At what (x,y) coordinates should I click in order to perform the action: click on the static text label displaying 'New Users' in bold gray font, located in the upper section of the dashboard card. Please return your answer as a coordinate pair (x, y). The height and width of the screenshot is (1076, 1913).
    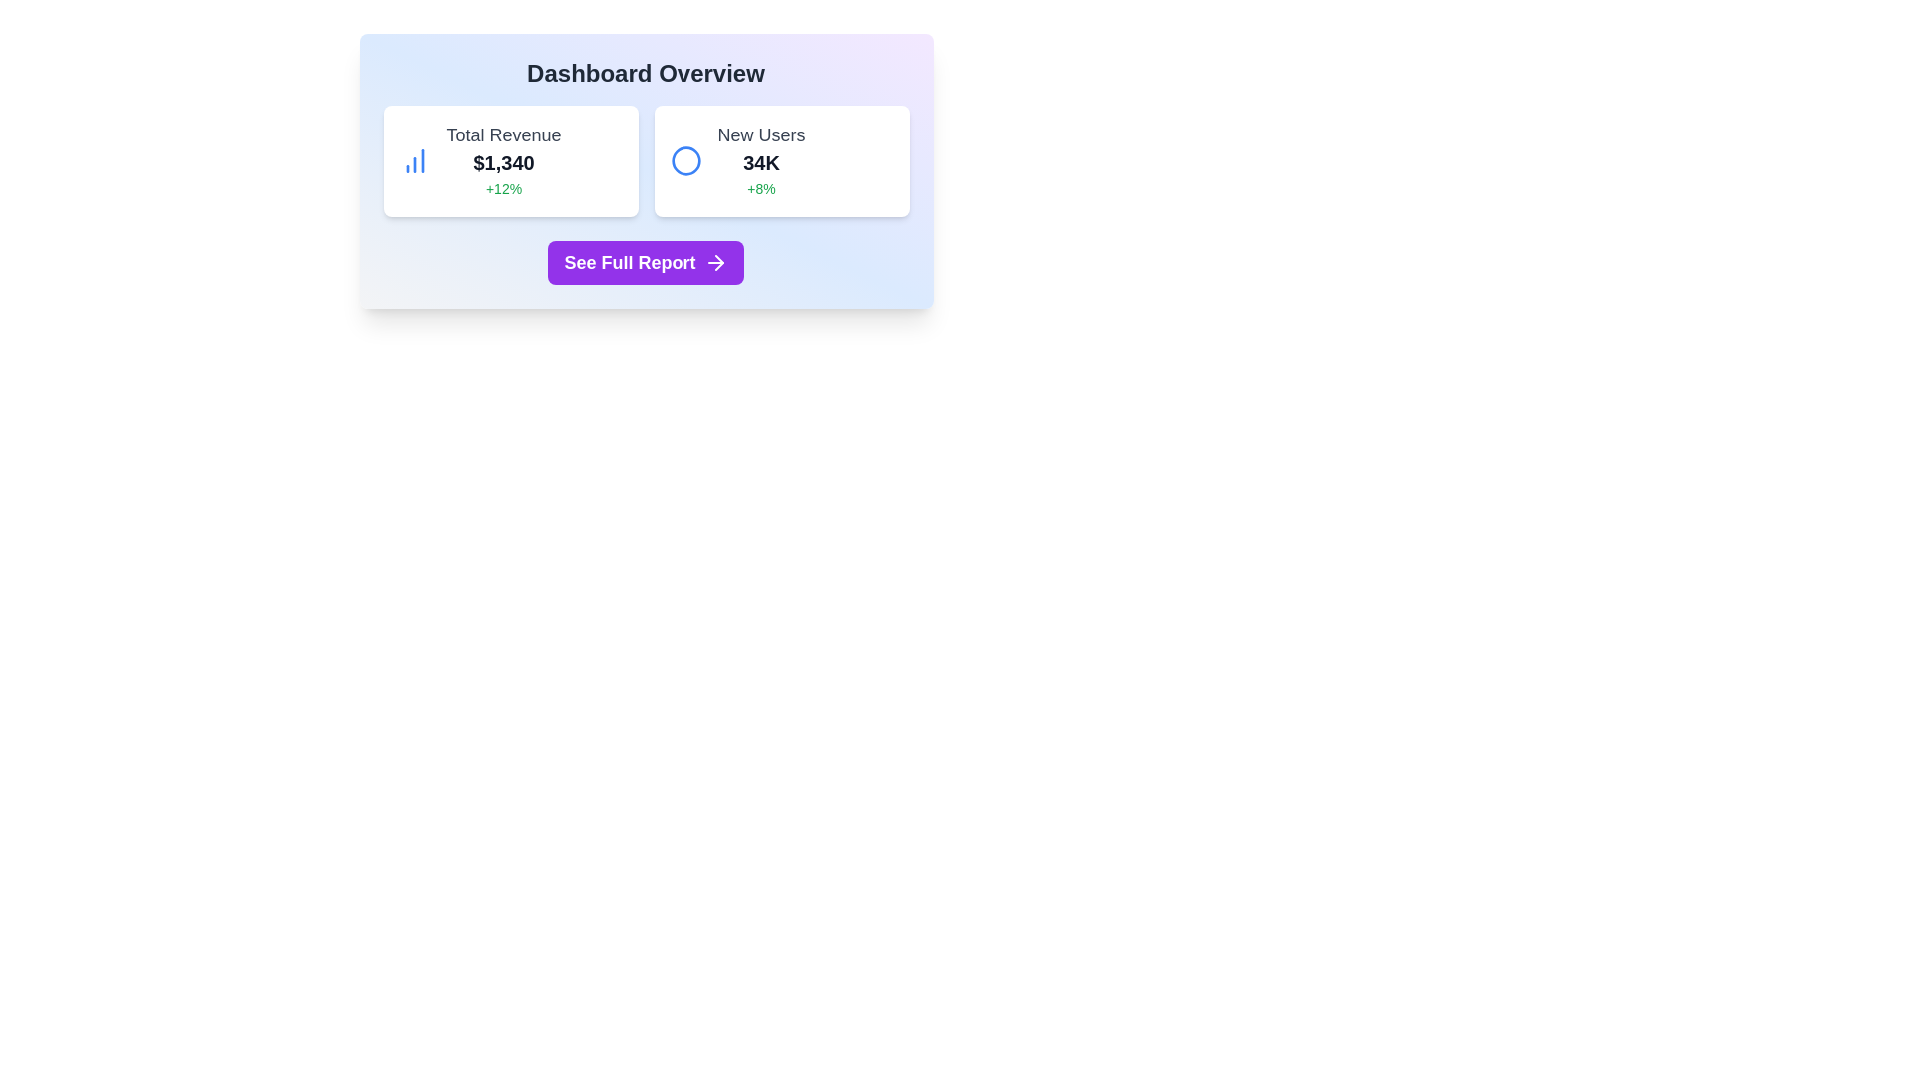
    Looking at the image, I should click on (760, 134).